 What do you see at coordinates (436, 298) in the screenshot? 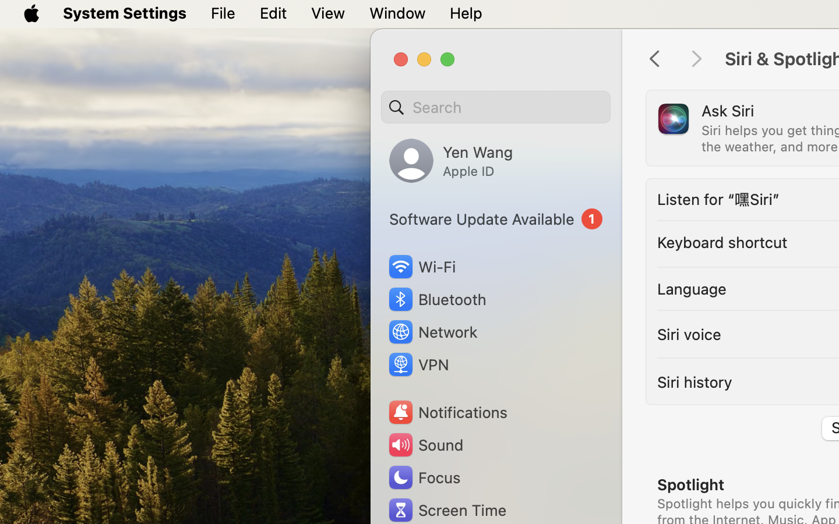
I see `'Bluetooth'` at bounding box center [436, 298].